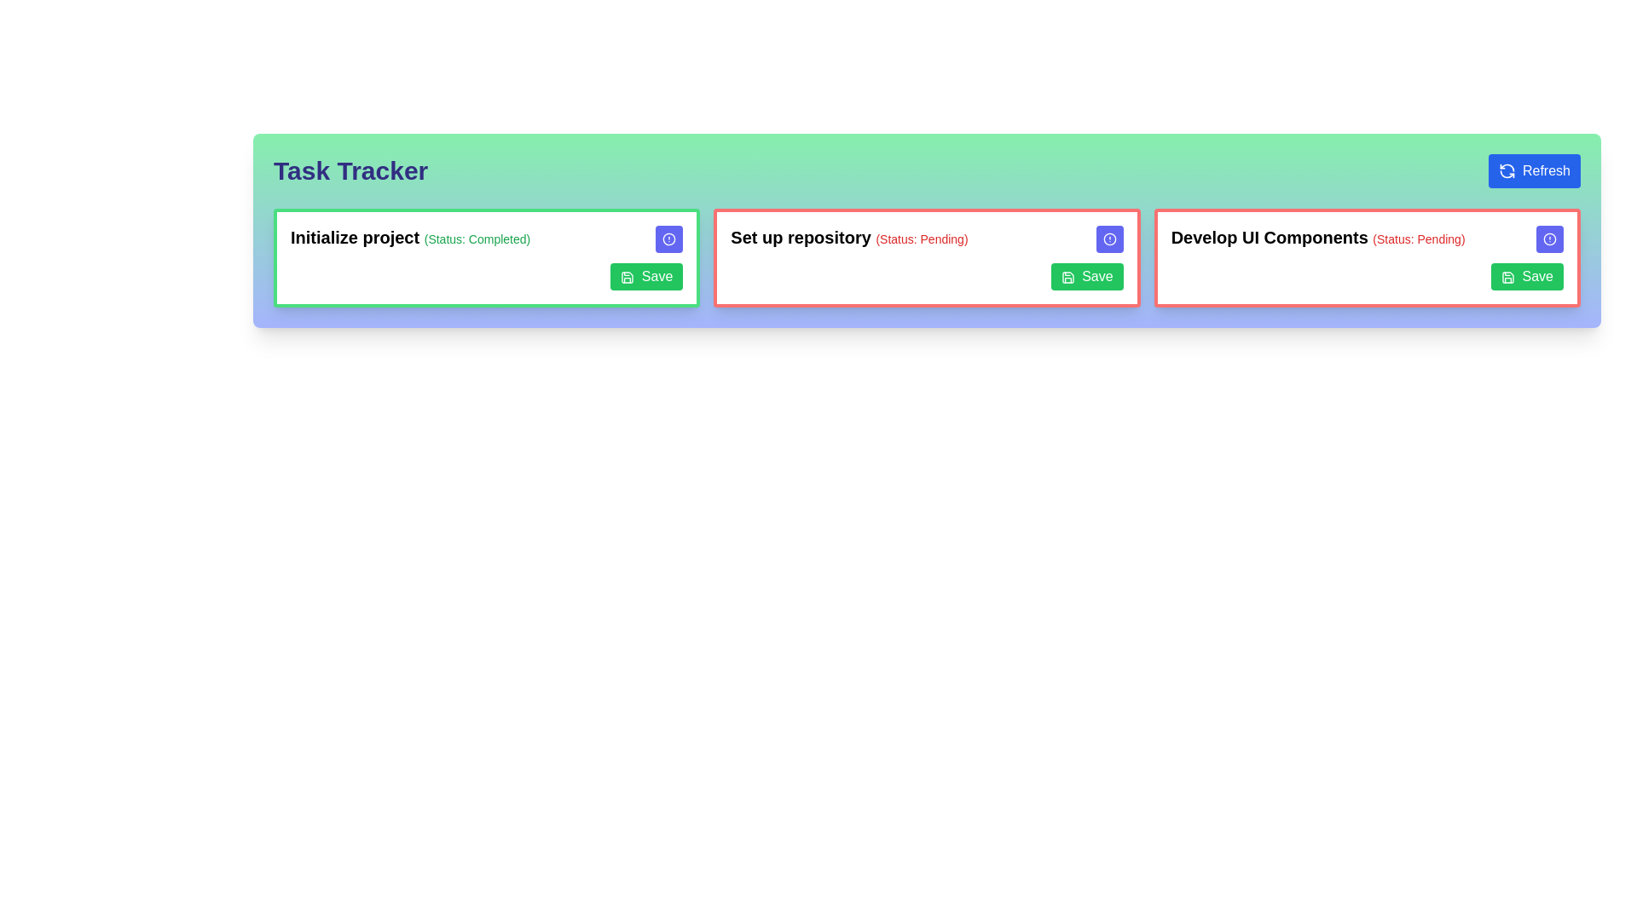 This screenshot has height=920, width=1637. Describe the element at coordinates (410, 239) in the screenshot. I see `the text label that serves as a header for the task 'Initialize project', located in the upper-central part of the first task card on the left side of the task tracker` at that location.